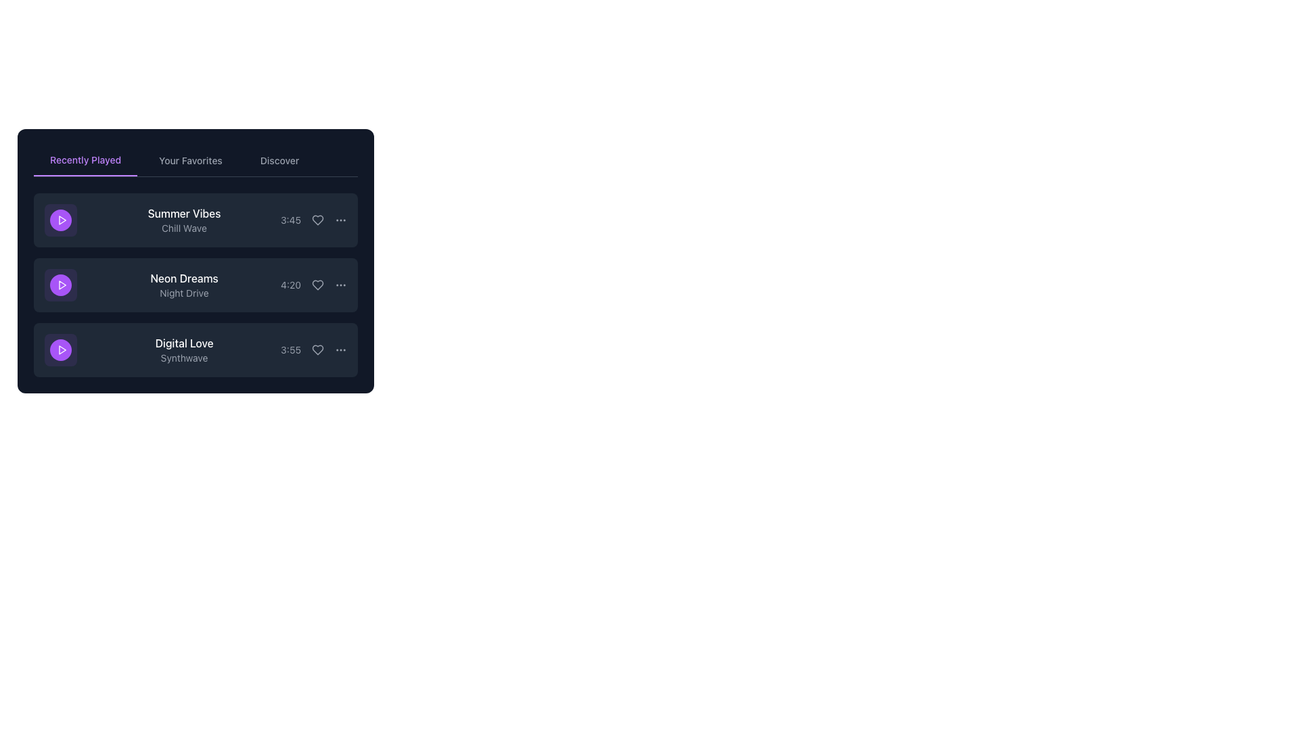 The height and width of the screenshot is (730, 1299). What do you see at coordinates (62, 284) in the screenshot?
I see `the play button icon for the 'Neon Dreams - Night Drive' song, which is a triangular purple icon with a white outline` at bounding box center [62, 284].